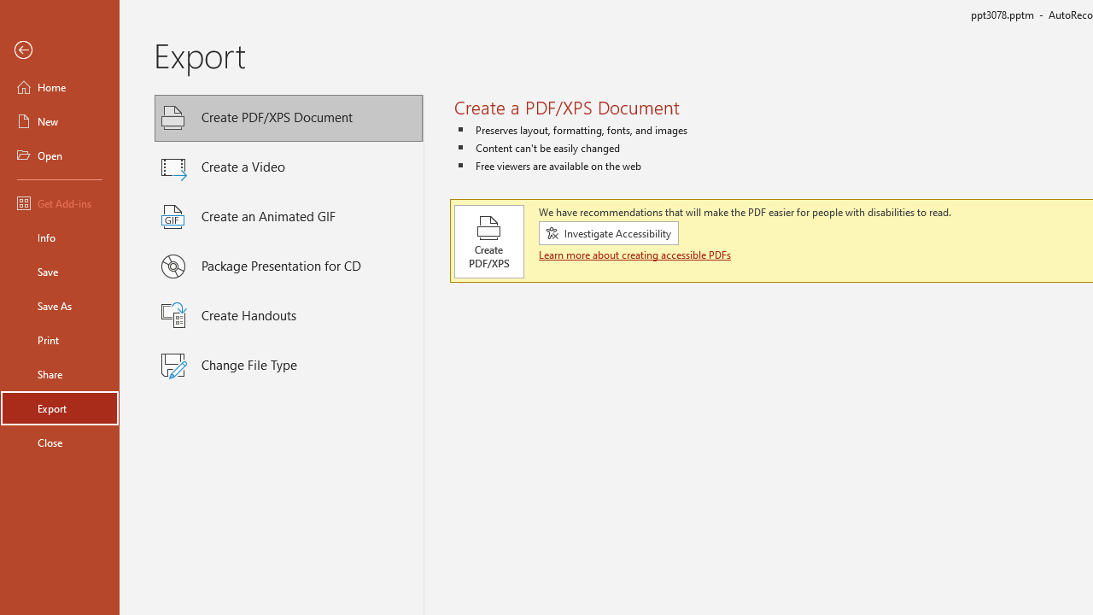 This screenshot has width=1093, height=615. What do you see at coordinates (635, 255) in the screenshot?
I see `'Learn more about creating accessible PDFs'` at bounding box center [635, 255].